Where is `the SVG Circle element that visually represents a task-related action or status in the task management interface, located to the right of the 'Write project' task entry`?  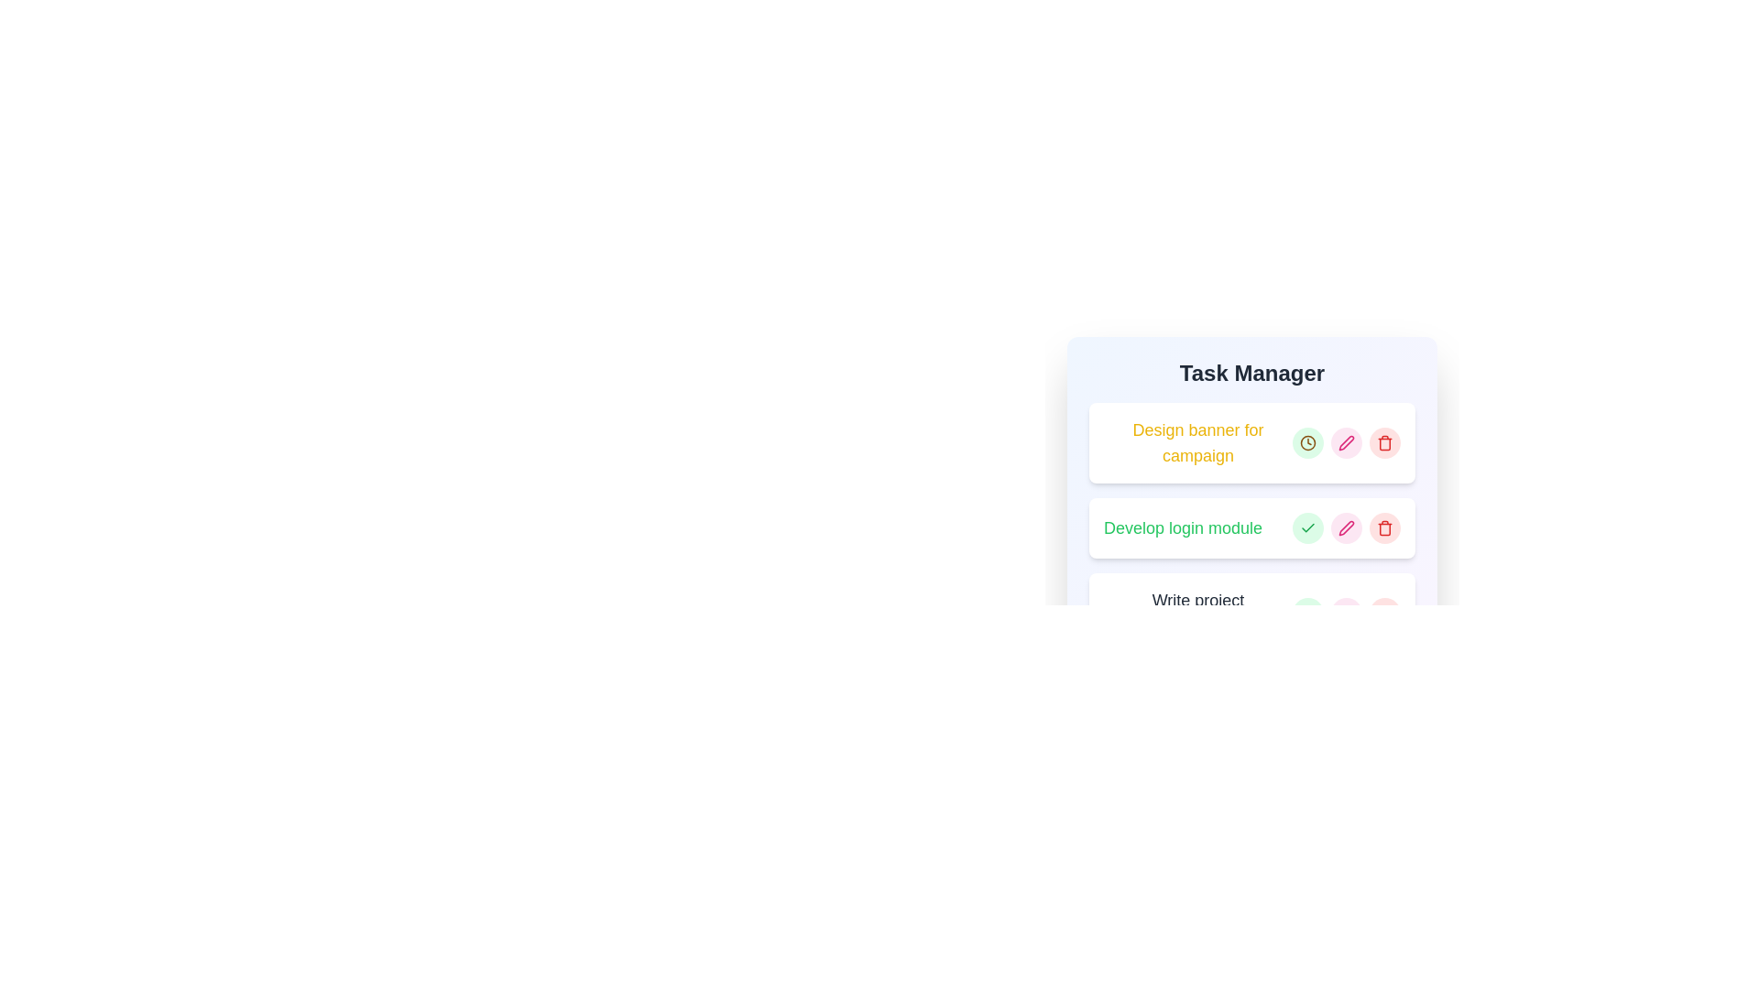 the SVG Circle element that visually represents a task-related action or status in the task management interface, located to the right of the 'Write project' task entry is located at coordinates (1307, 614).